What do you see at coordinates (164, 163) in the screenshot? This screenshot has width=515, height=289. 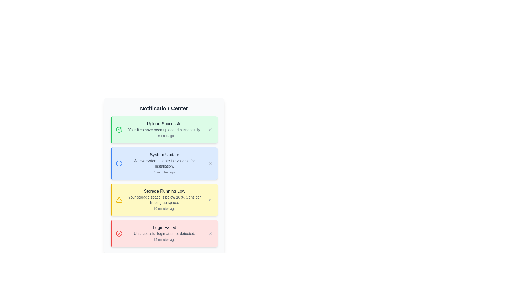 I see `text content of the Notification item titled 'System Update' which contains the description 'A new system update is available for installation.' and a timestamp '5 minutes ago'` at bounding box center [164, 163].